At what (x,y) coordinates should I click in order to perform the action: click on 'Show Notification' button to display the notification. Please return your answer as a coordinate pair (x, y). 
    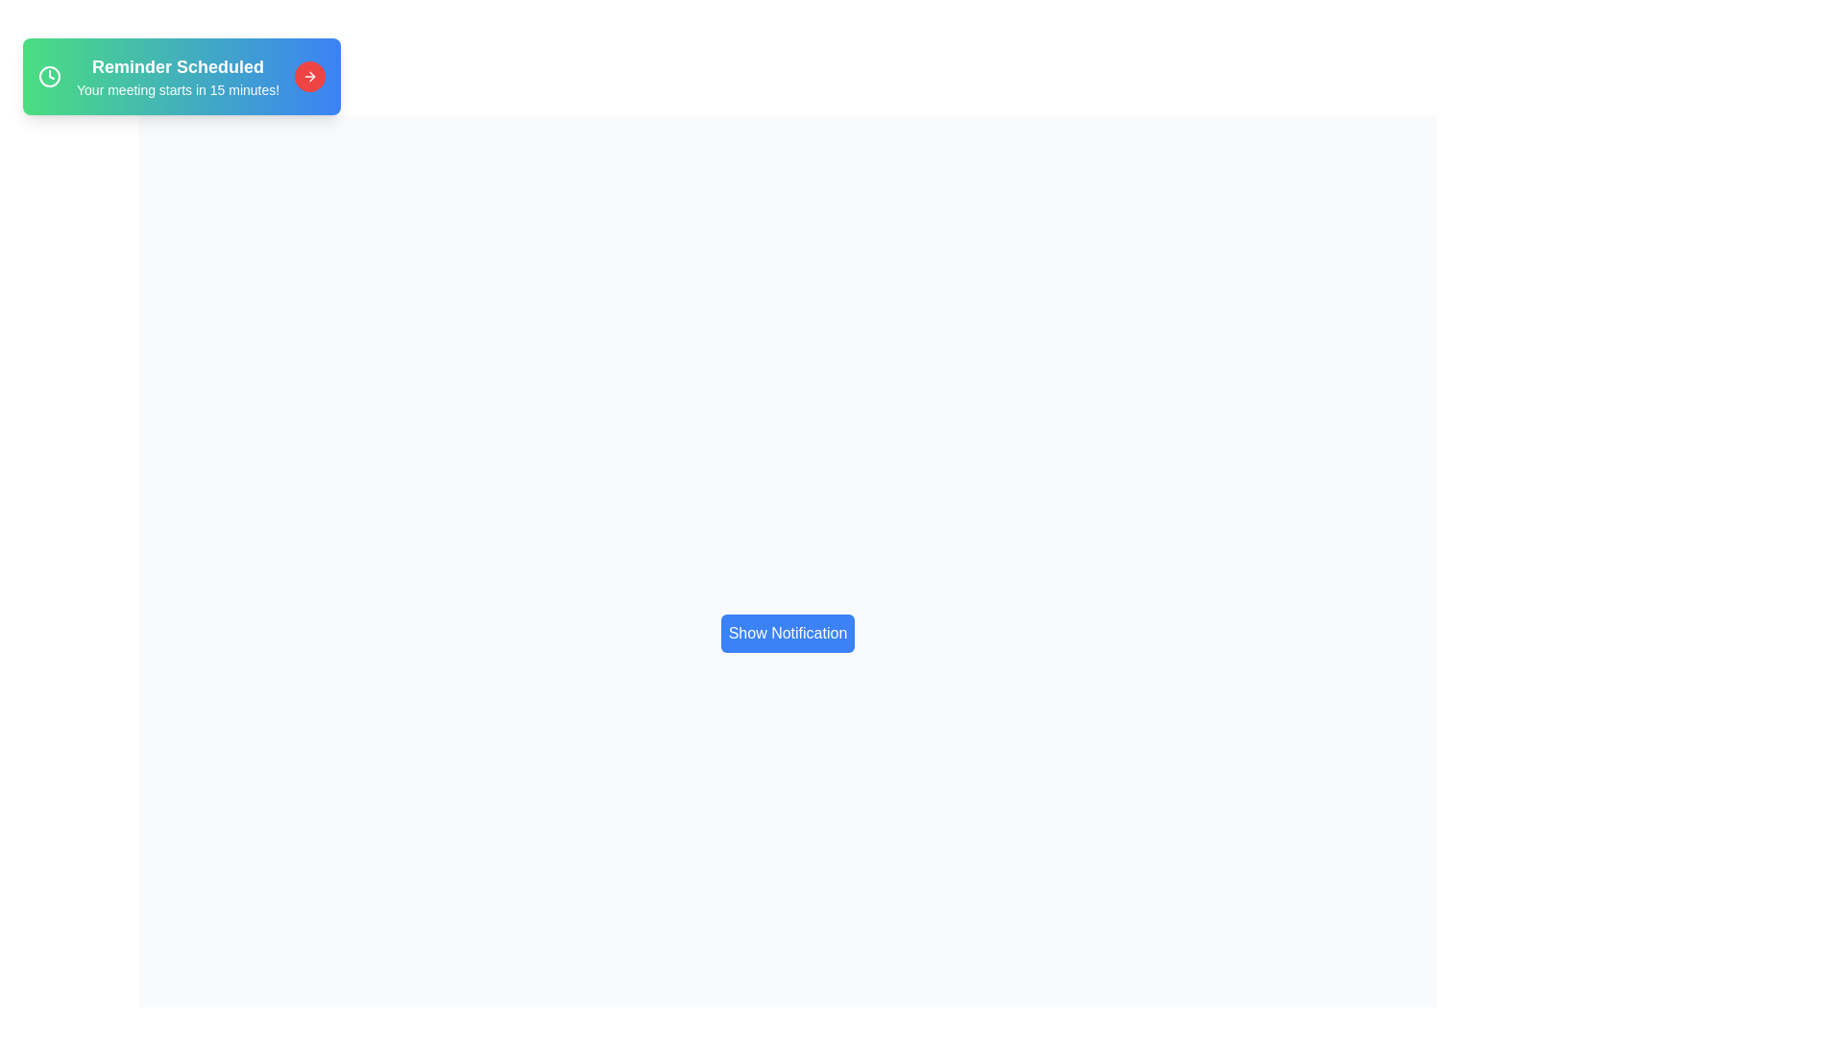
    Looking at the image, I should click on (788, 633).